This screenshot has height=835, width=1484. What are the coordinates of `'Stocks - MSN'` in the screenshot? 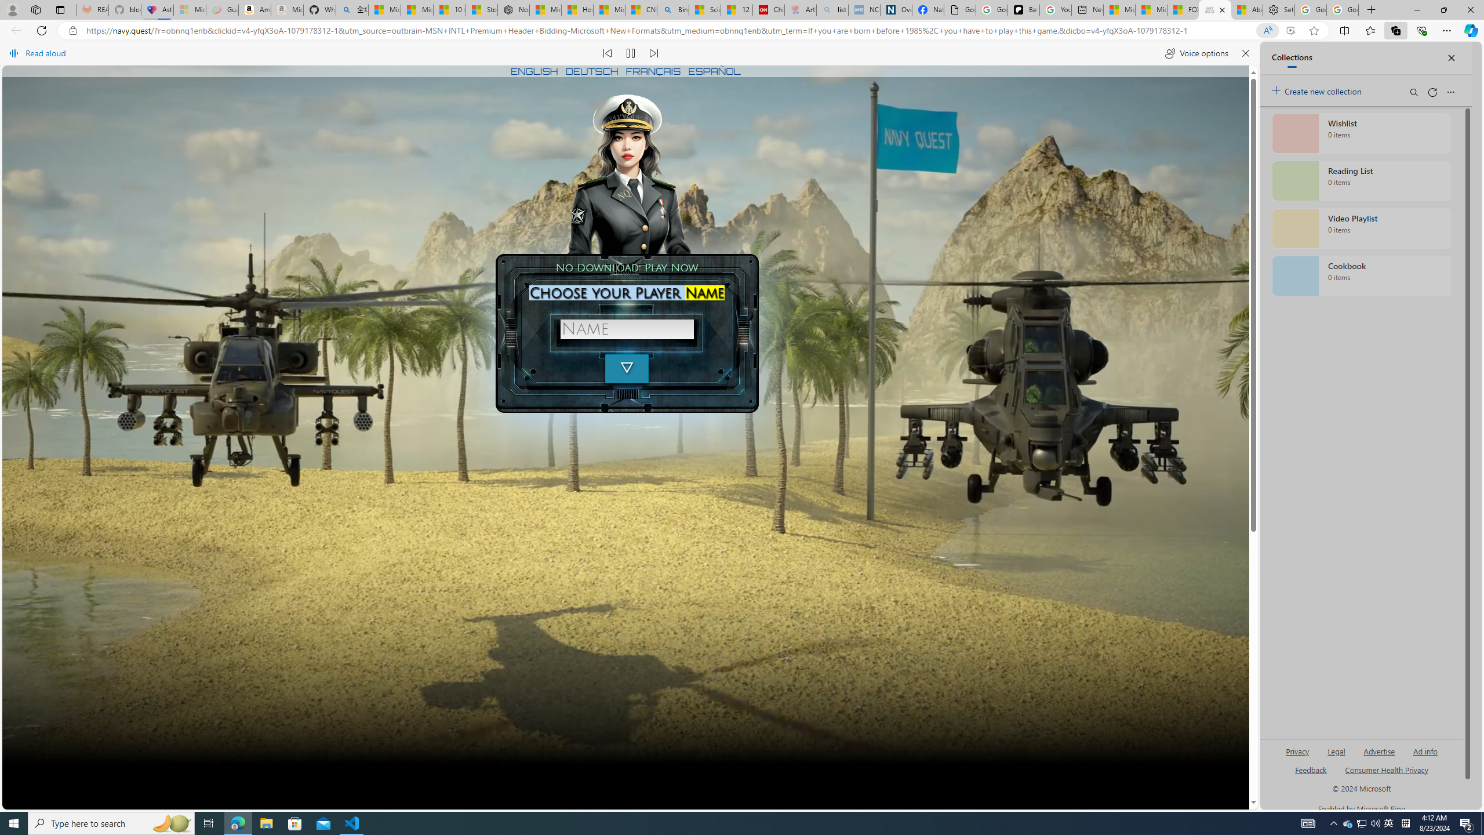 It's located at (482, 9).